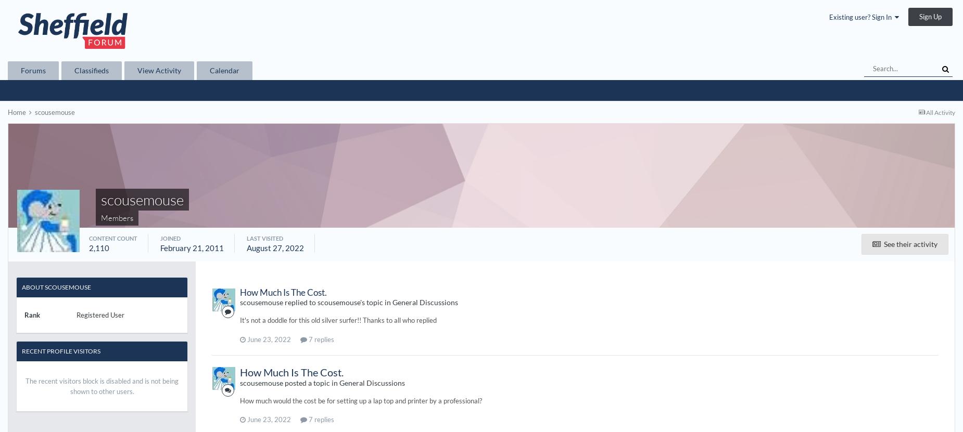  Describe the element at coordinates (192, 247) in the screenshot. I see `'February 21, 2011'` at that location.